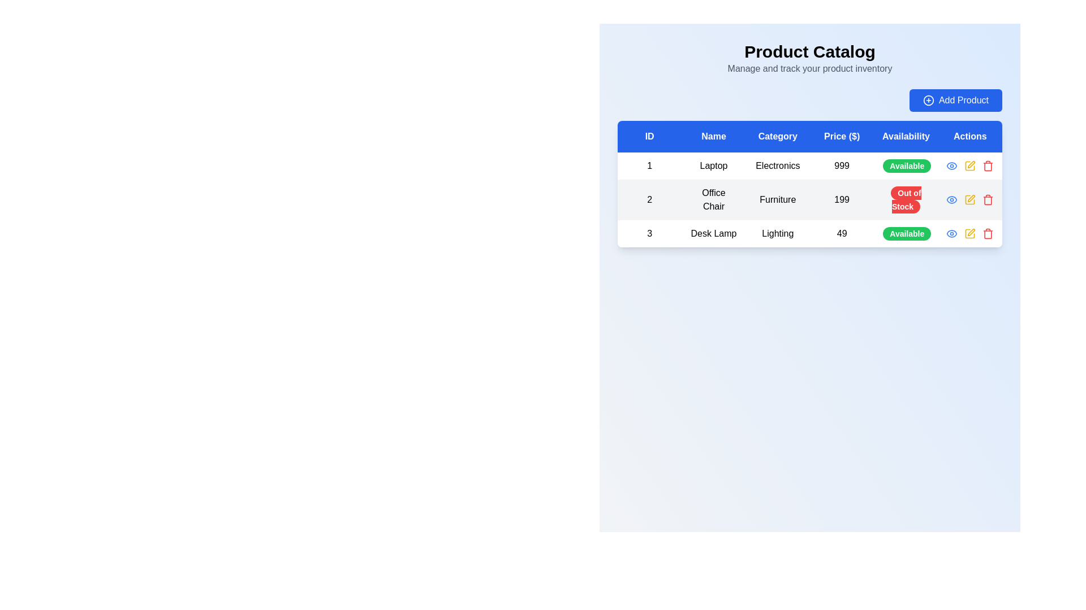 Image resolution: width=1086 pixels, height=610 pixels. I want to click on the blue eye icon button in the 'Actions' column of the second row, so click(951, 199).